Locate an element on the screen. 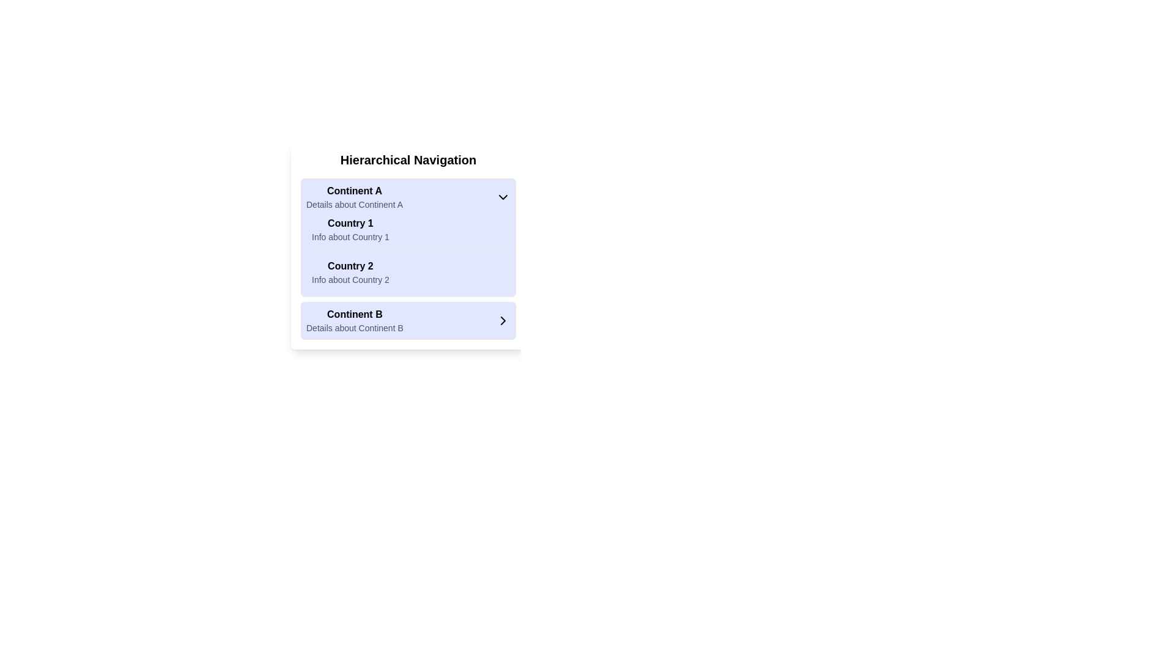 This screenshot has height=660, width=1174. the Text block representing 'Continent B' in the hierarchical navigation menu, which is located just below the 'Country 2' item is located at coordinates (354, 320).